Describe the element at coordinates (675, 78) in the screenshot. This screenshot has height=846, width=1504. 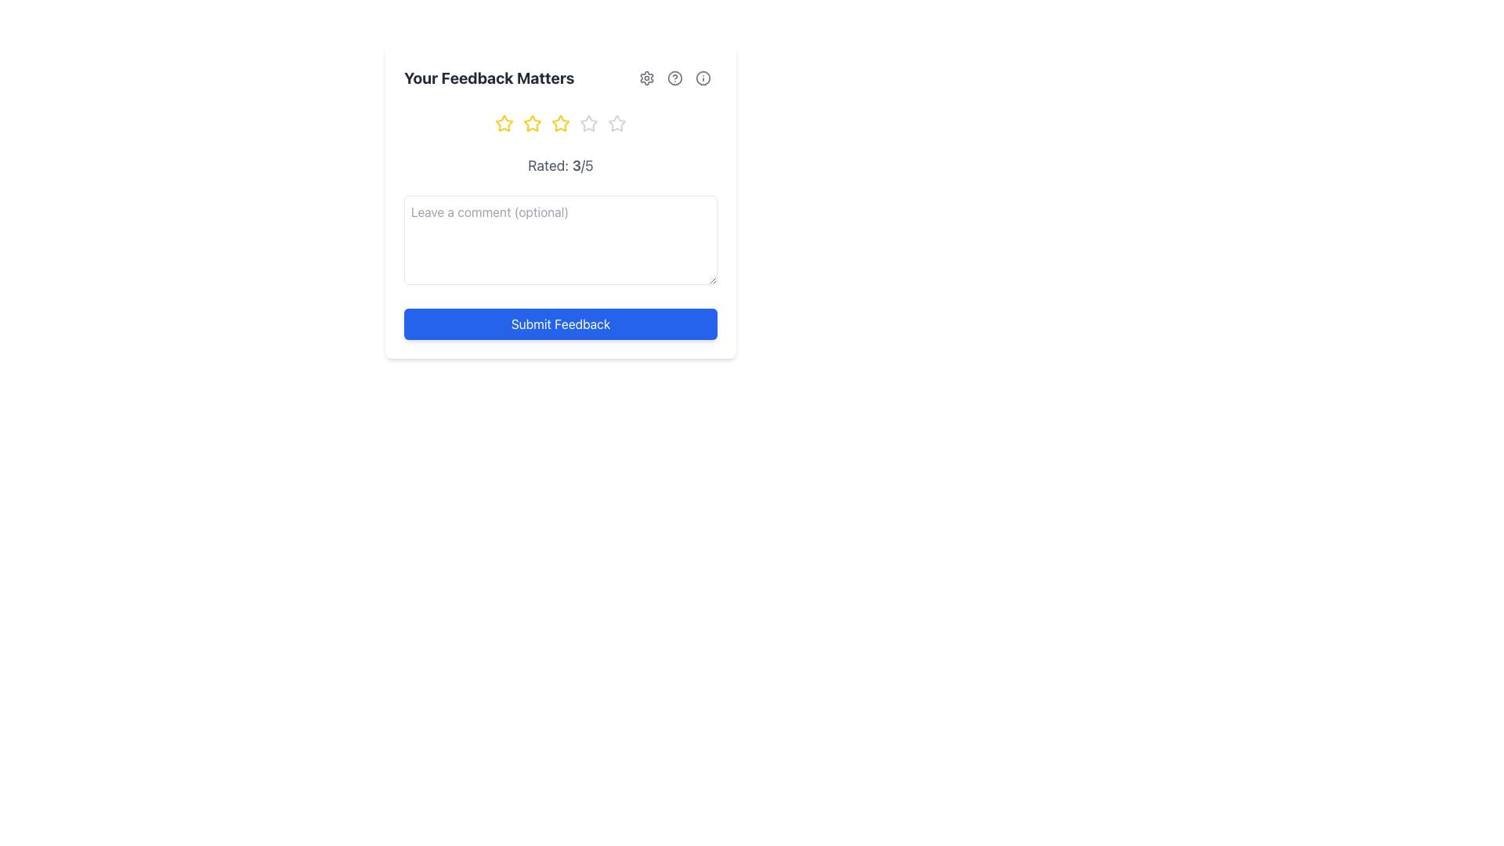
I see `the Help Icon Button, which is the middle circular icon located at the top right corner of the feedback card` at that location.